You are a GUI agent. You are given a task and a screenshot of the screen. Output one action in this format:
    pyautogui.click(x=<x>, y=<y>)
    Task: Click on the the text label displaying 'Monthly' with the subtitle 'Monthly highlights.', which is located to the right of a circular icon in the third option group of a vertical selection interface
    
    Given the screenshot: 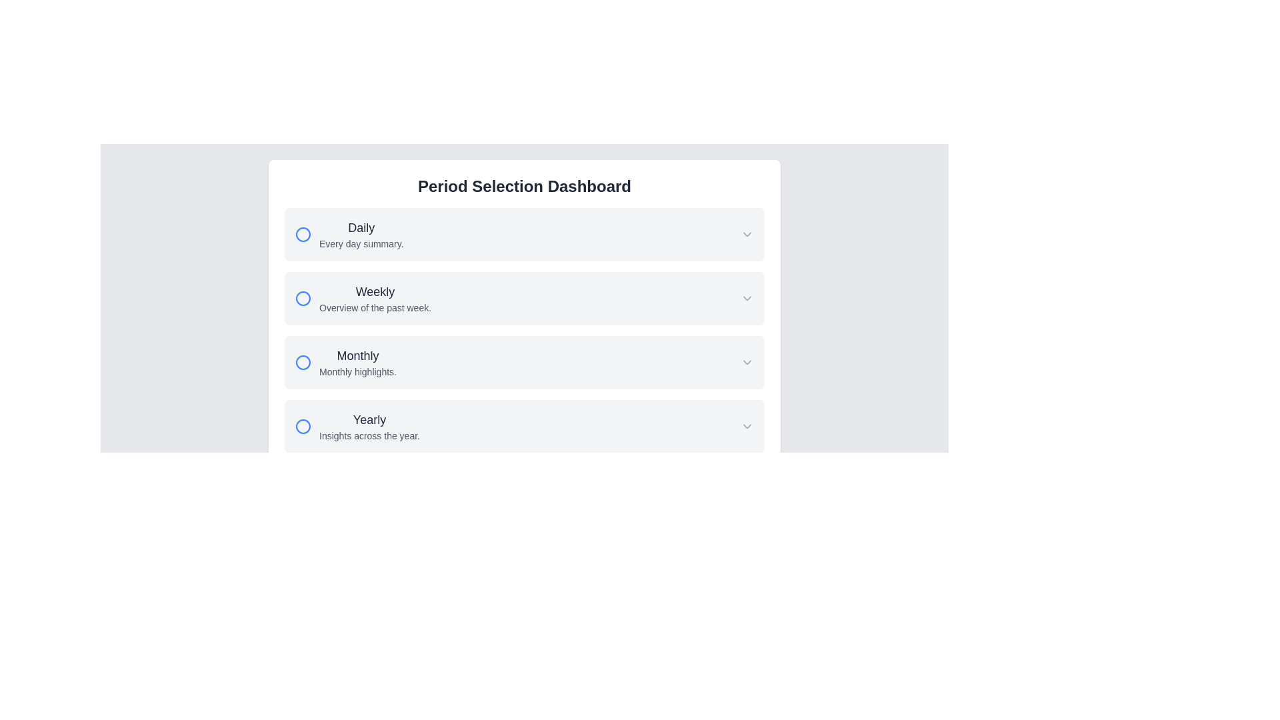 What is the action you would take?
    pyautogui.click(x=345, y=362)
    